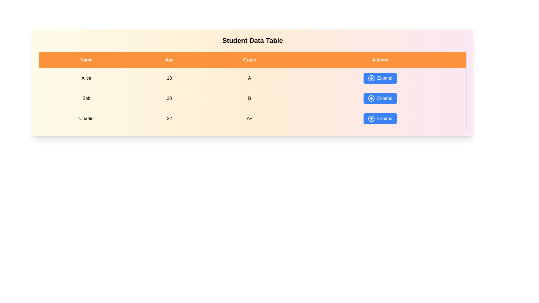 This screenshot has height=303, width=539. Describe the element at coordinates (380, 118) in the screenshot. I see `the blue 'Expand' button located in the bottom row of the 'Actions' column, aligned with the last entry 'Charlie'` at that location.